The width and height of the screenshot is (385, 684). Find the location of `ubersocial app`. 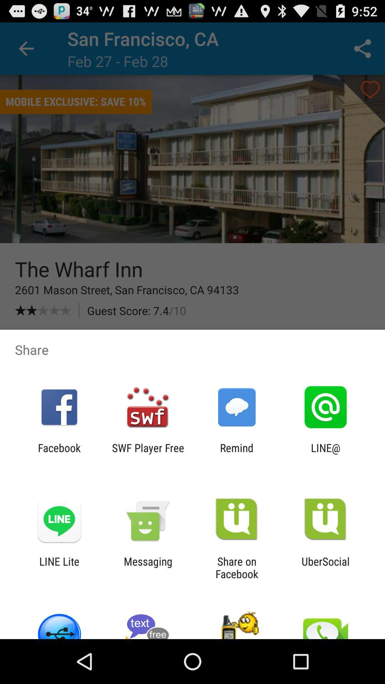

ubersocial app is located at coordinates (325, 567).